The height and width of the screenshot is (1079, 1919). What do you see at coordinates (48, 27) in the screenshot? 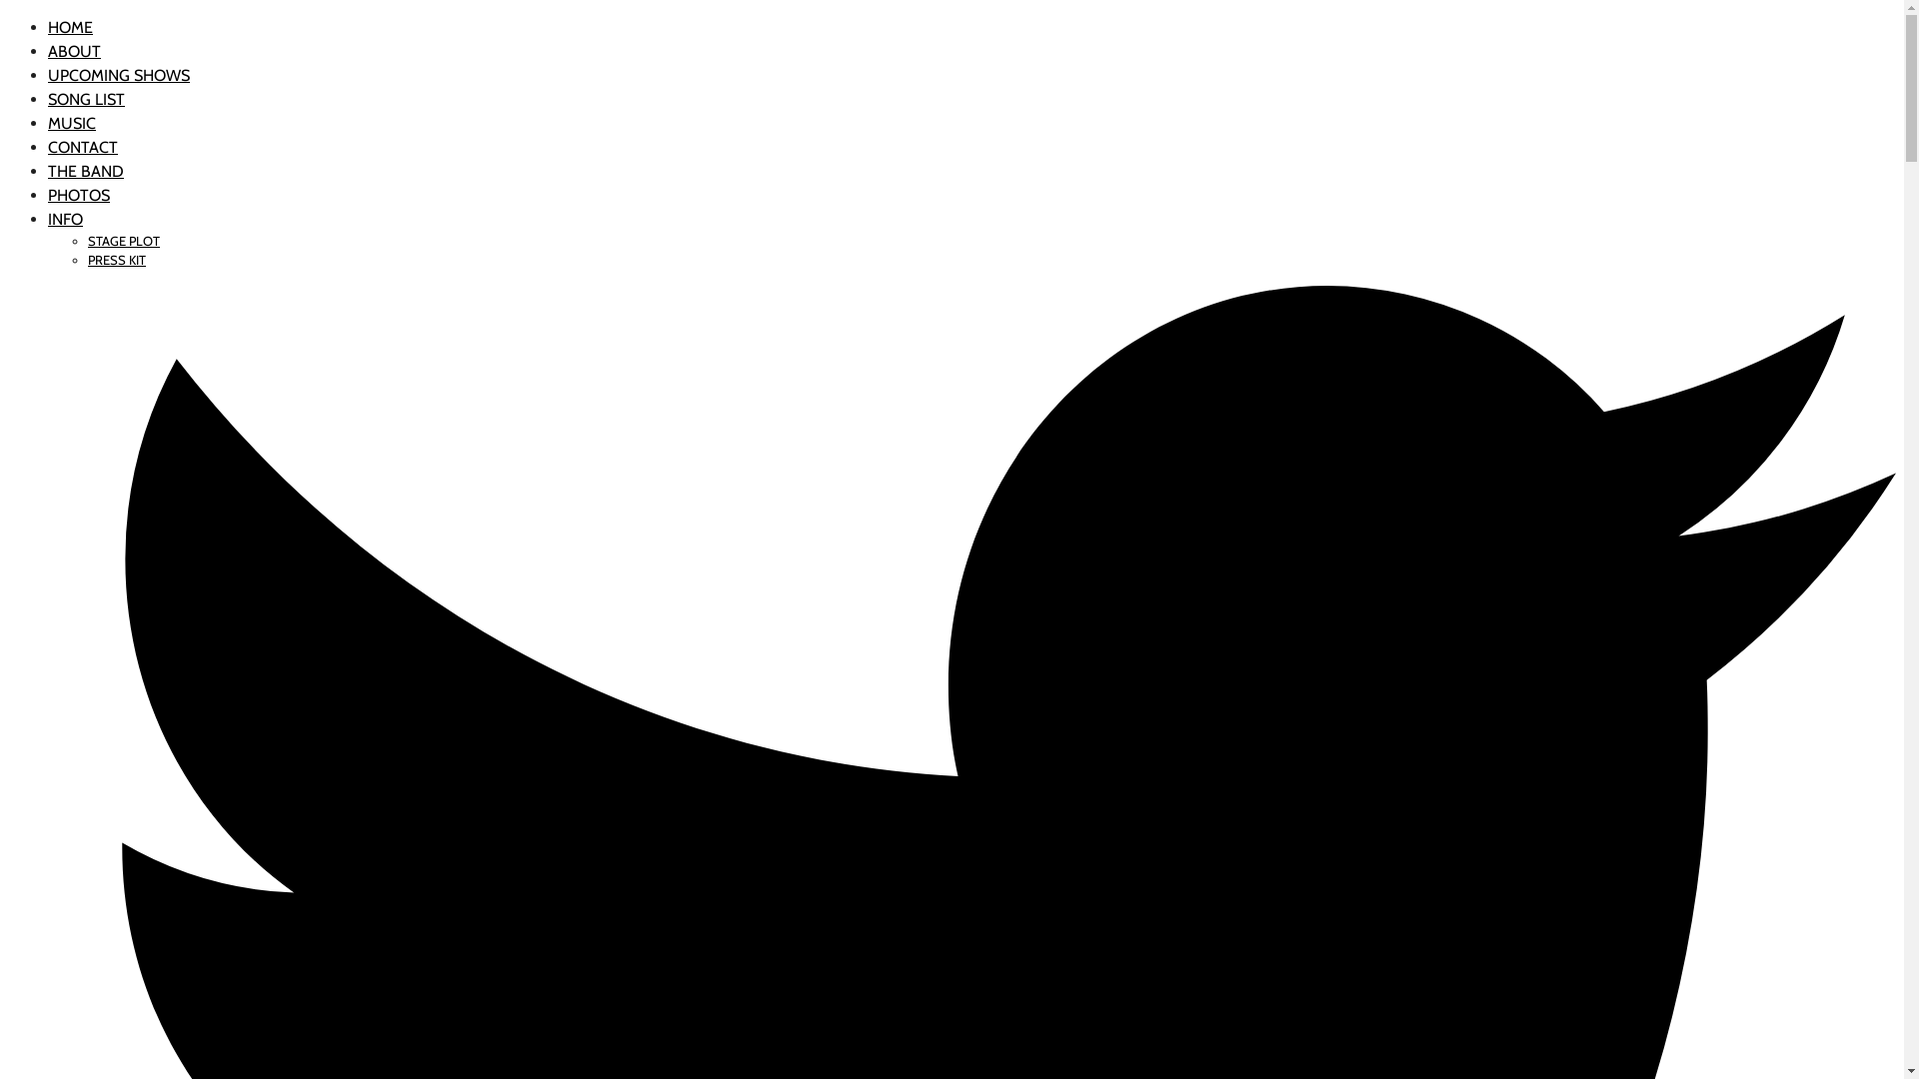
I see `'HOME'` at bounding box center [48, 27].